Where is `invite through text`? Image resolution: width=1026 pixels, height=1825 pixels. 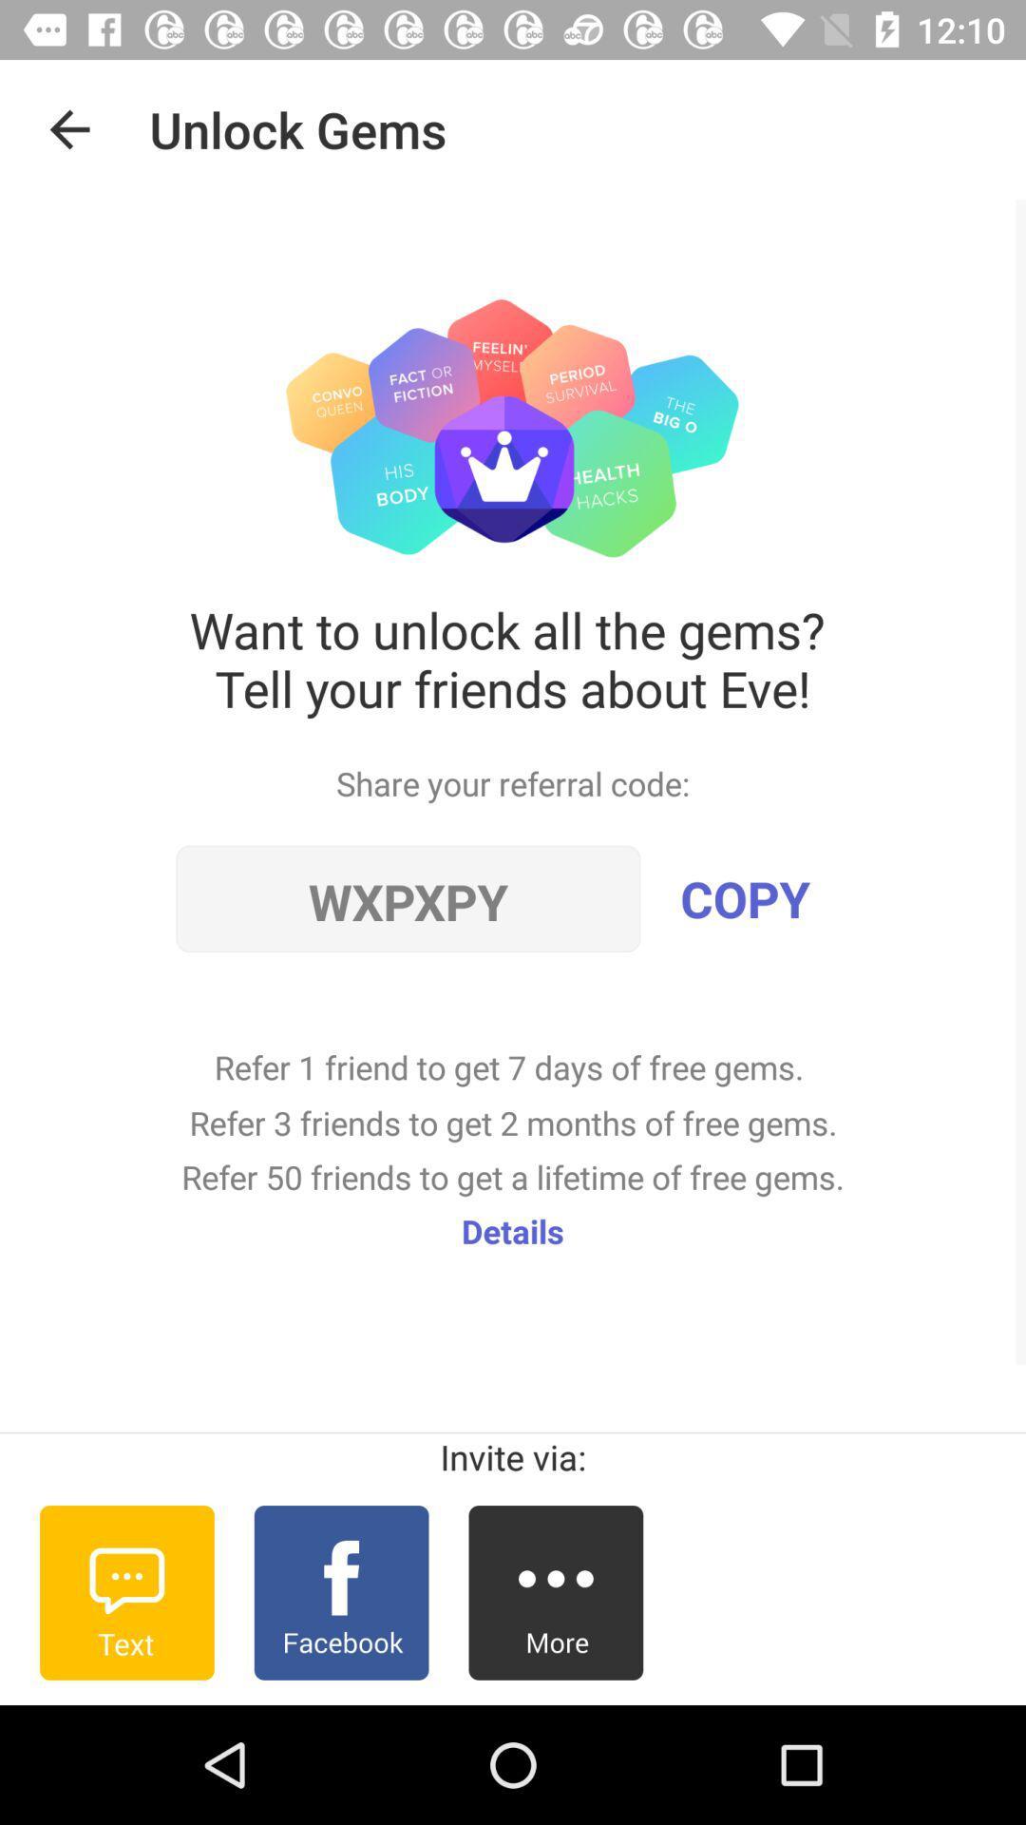 invite through text is located at coordinates (126, 1592).